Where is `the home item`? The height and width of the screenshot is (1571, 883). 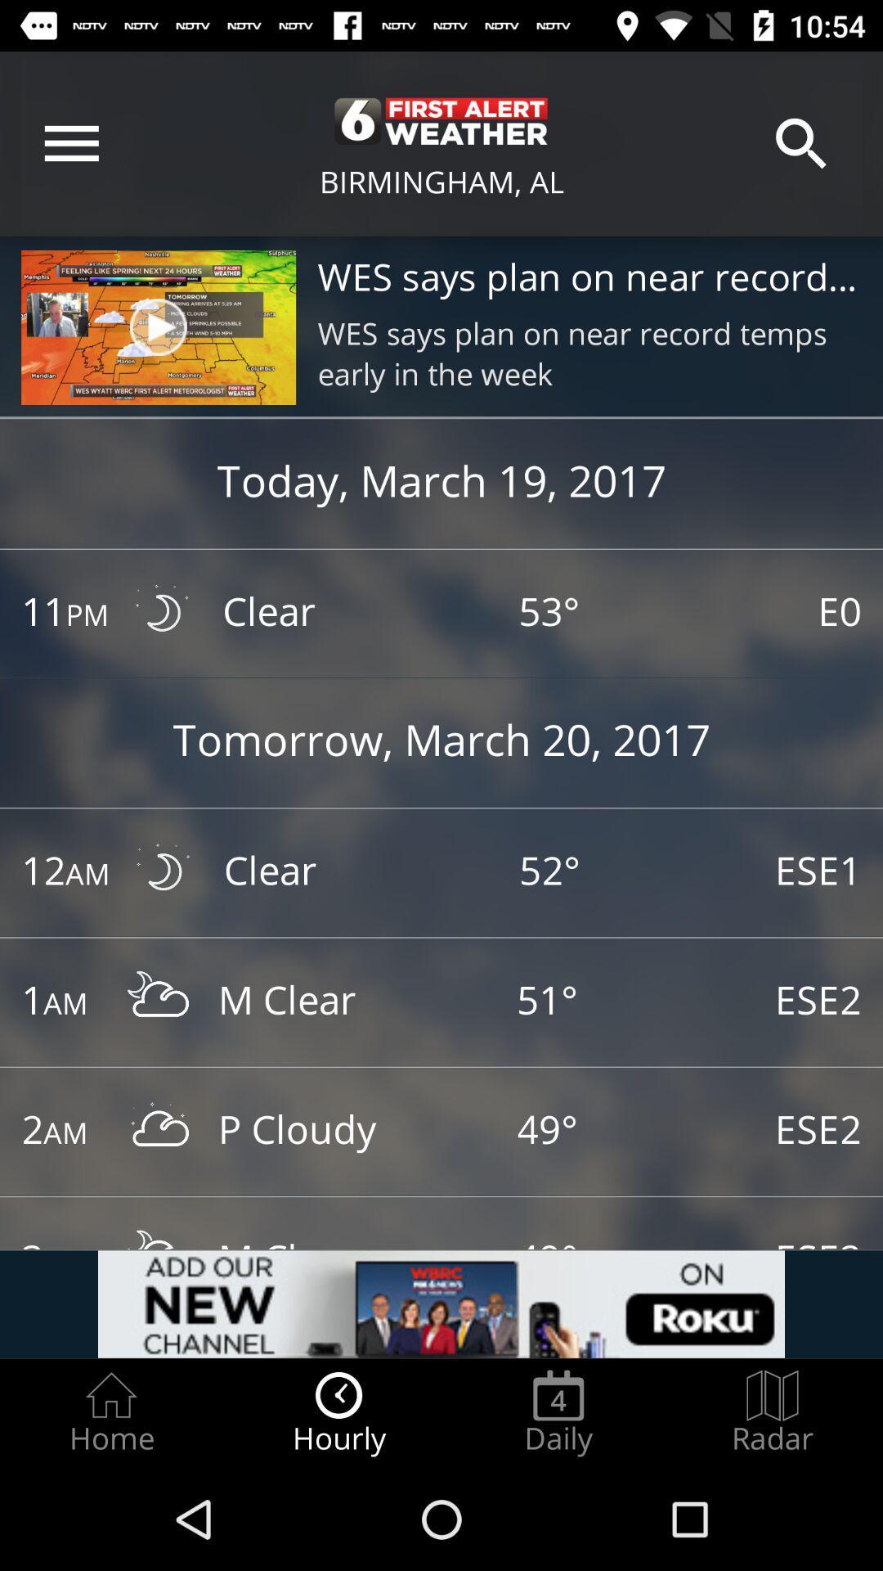 the home item is located at coordinates (110, 1412).